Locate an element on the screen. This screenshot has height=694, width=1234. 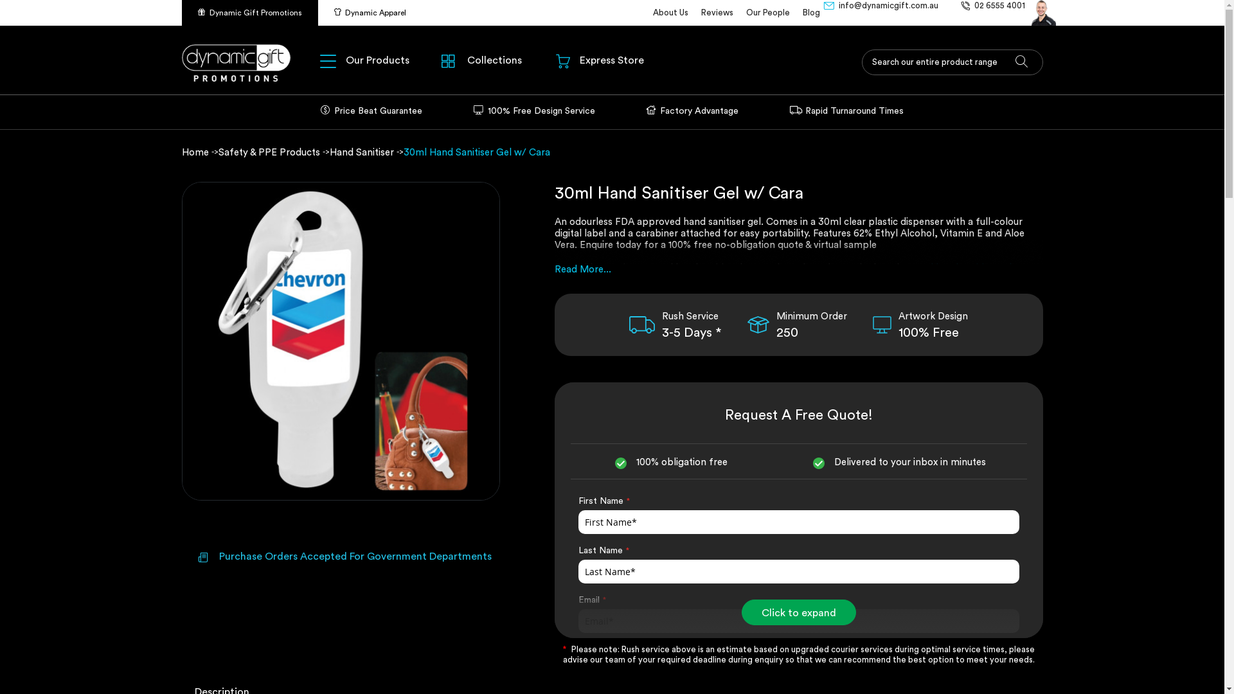
'Blog' is located at coordinates (810, 12).